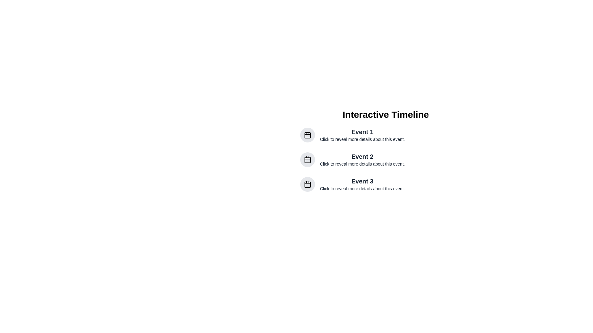 This screenshot has height=333, width=593. I want to click on the Icon Button representing 'Event 3' in the interactive timeline, which is located at the leftmost side of its row, so click(308, 184).